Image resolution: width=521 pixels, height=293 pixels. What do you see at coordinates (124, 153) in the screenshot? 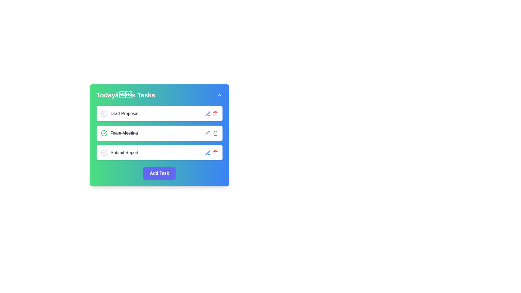
I see `the 'Submit Report' text label located in the third row of the task list, which is centrally positioned in the row and flanked by a circular checkbox on the left and action icons on the right` at bounding box center [124, 153].